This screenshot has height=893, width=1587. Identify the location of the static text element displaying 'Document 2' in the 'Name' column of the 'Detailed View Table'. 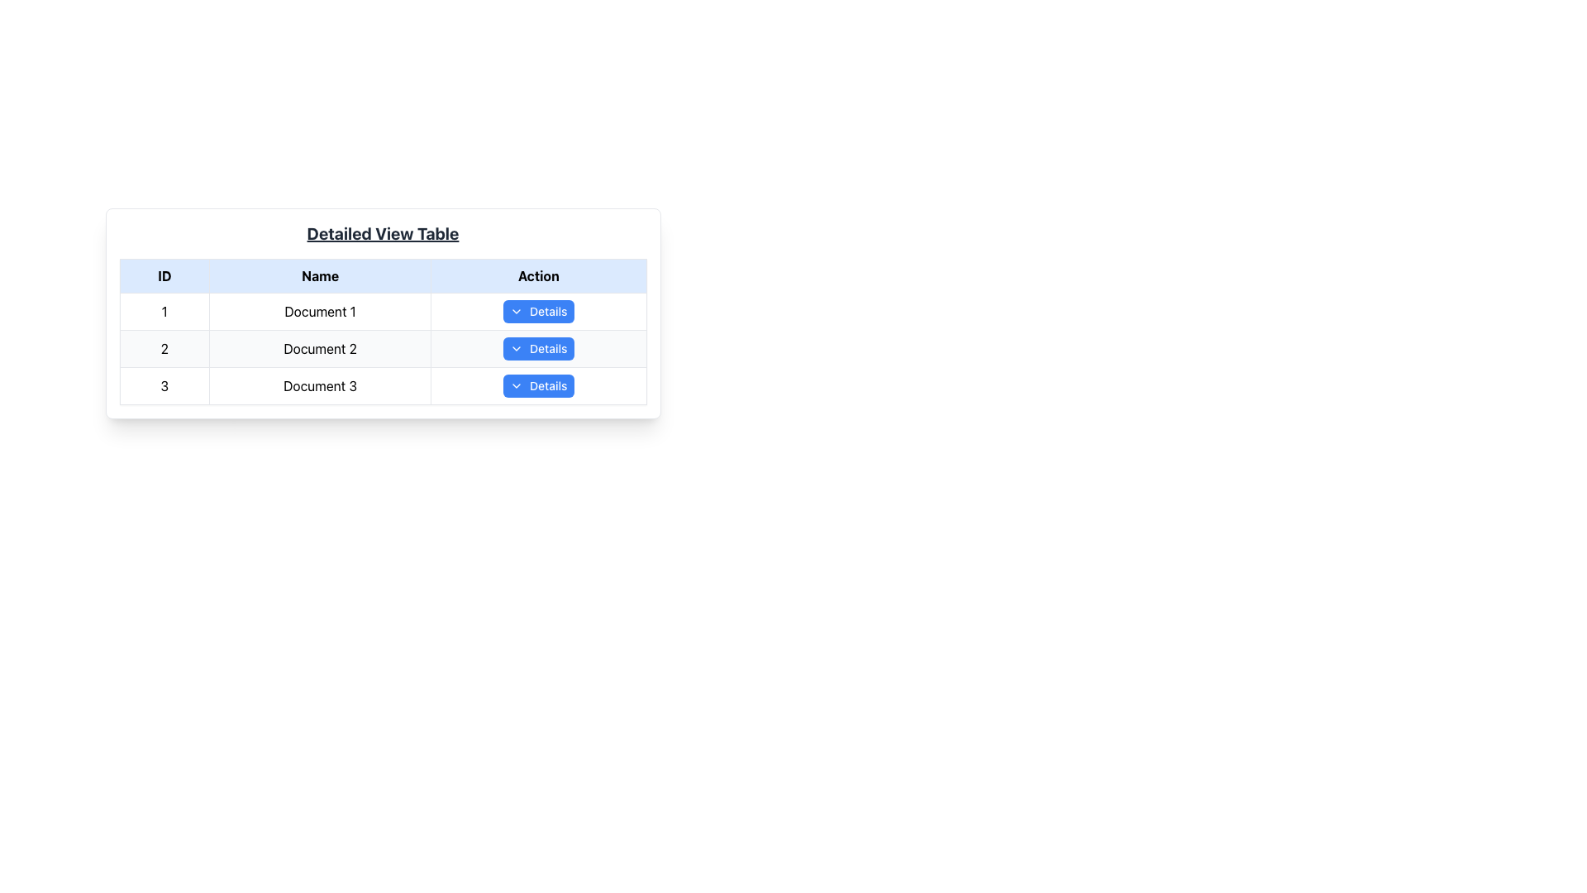
(320, 347).